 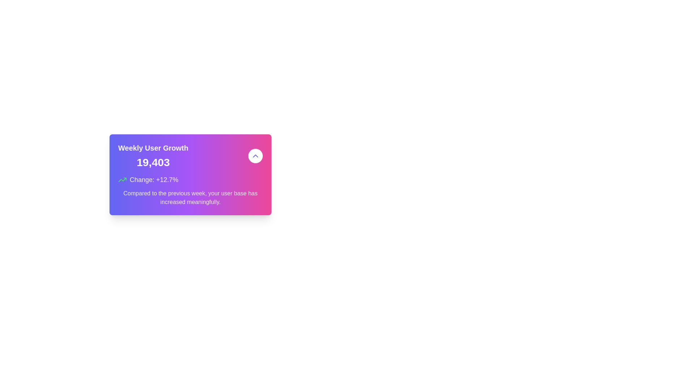 What do you see at coordinates (153, 162) in the screenshot?
I see `the static text display element showing the number '19,403', which is located below 'Weekly User Growth' in a gradient background card` at bounding box center [153, 162].